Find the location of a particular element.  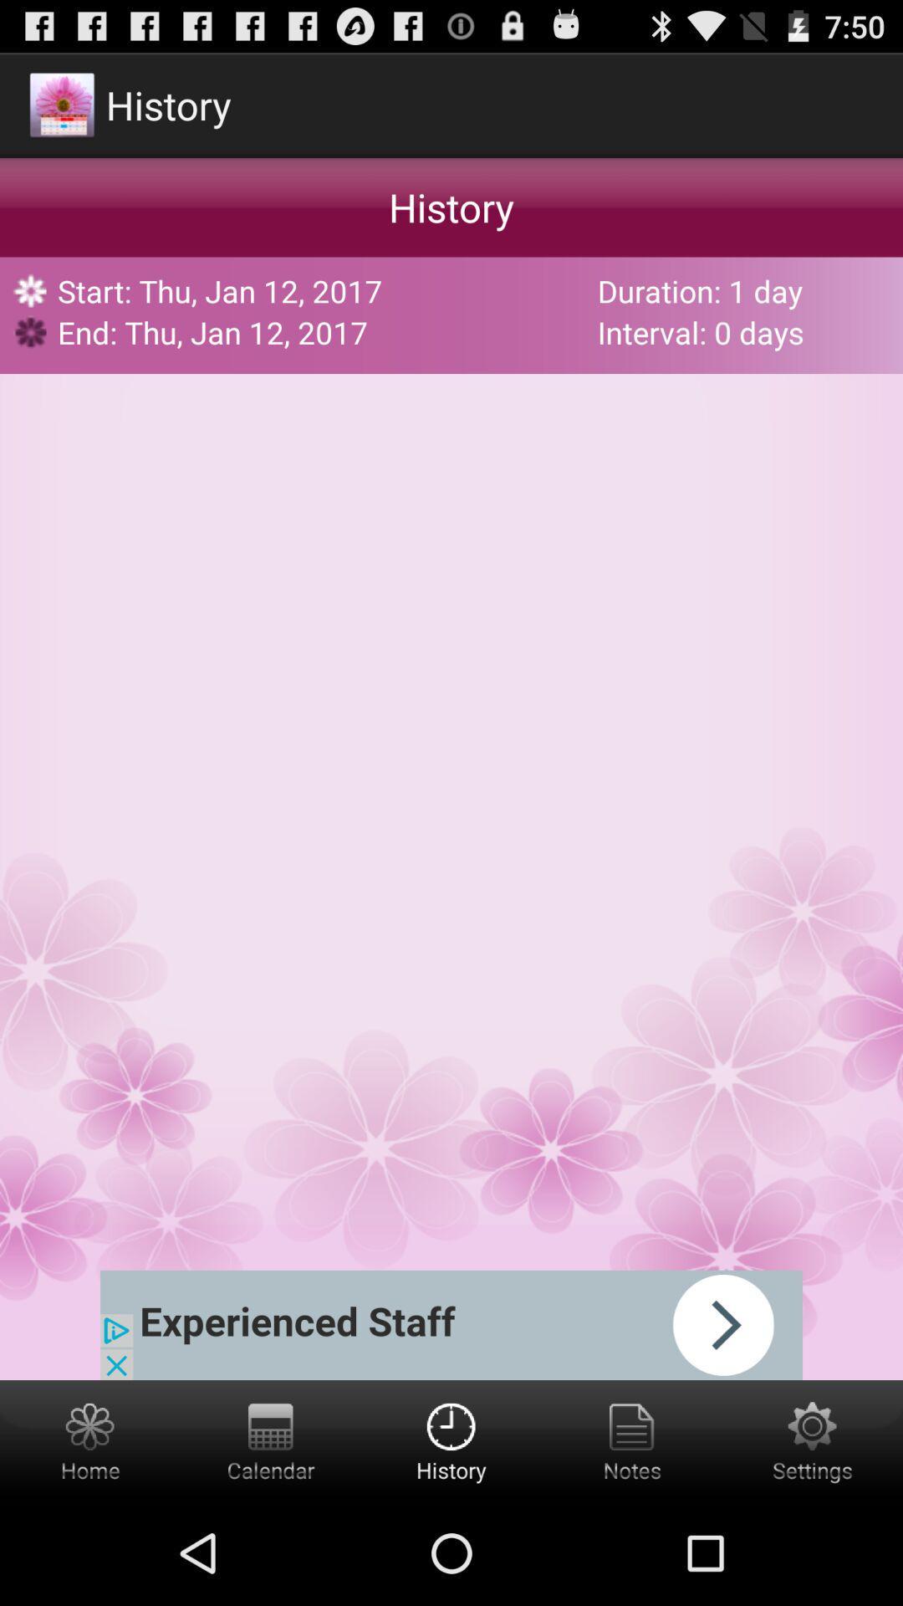

to note daily notes is located at coordinates (632, 1440).